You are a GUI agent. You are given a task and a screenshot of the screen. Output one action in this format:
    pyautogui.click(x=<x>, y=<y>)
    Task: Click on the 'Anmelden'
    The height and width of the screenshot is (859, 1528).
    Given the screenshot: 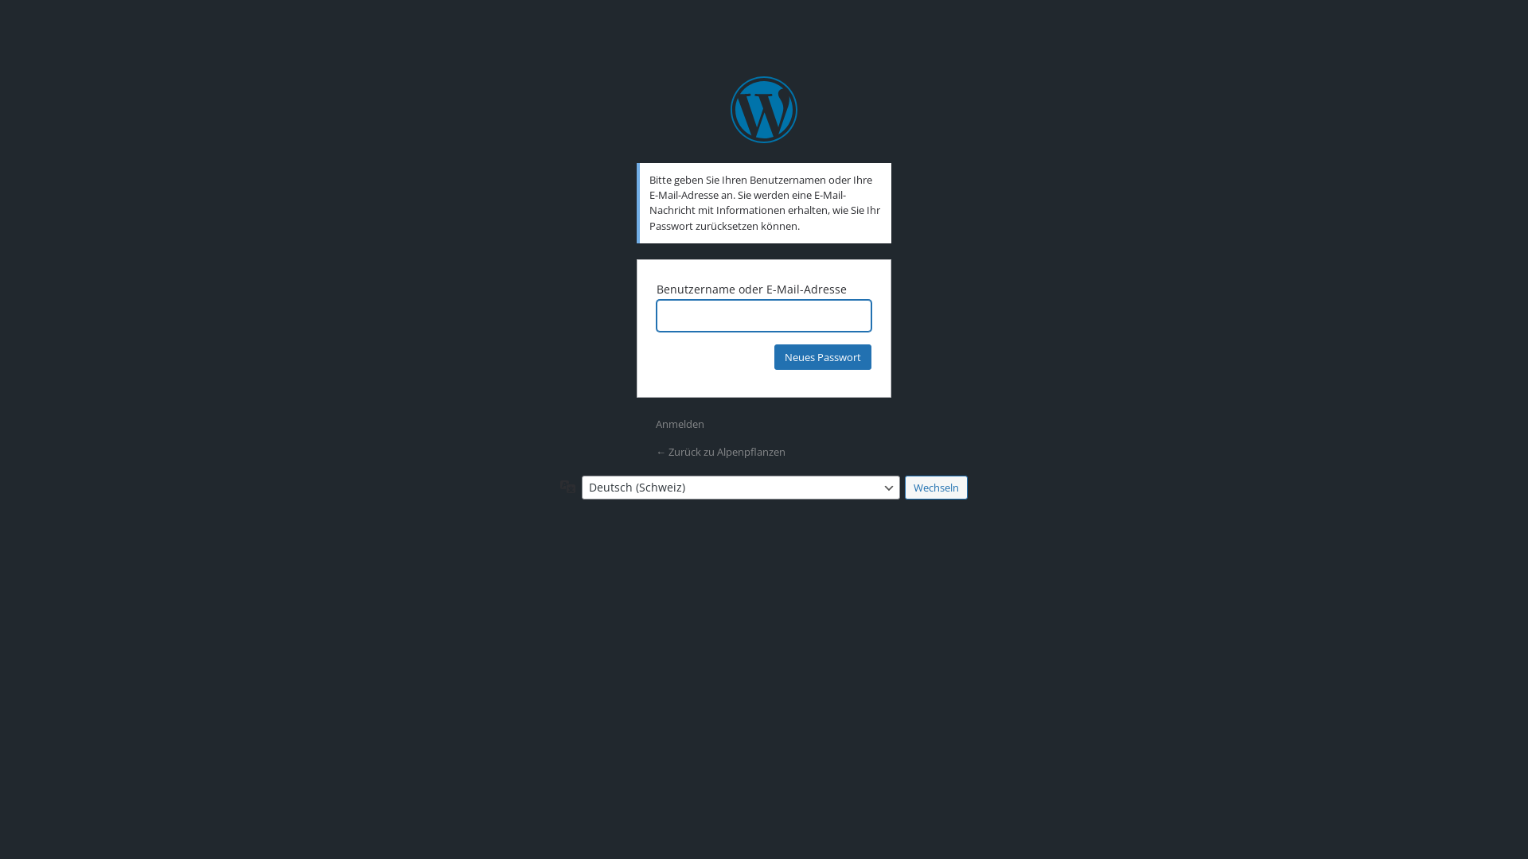 What is the action you would take?
    pyautogui.click(x=680, y=422)
    